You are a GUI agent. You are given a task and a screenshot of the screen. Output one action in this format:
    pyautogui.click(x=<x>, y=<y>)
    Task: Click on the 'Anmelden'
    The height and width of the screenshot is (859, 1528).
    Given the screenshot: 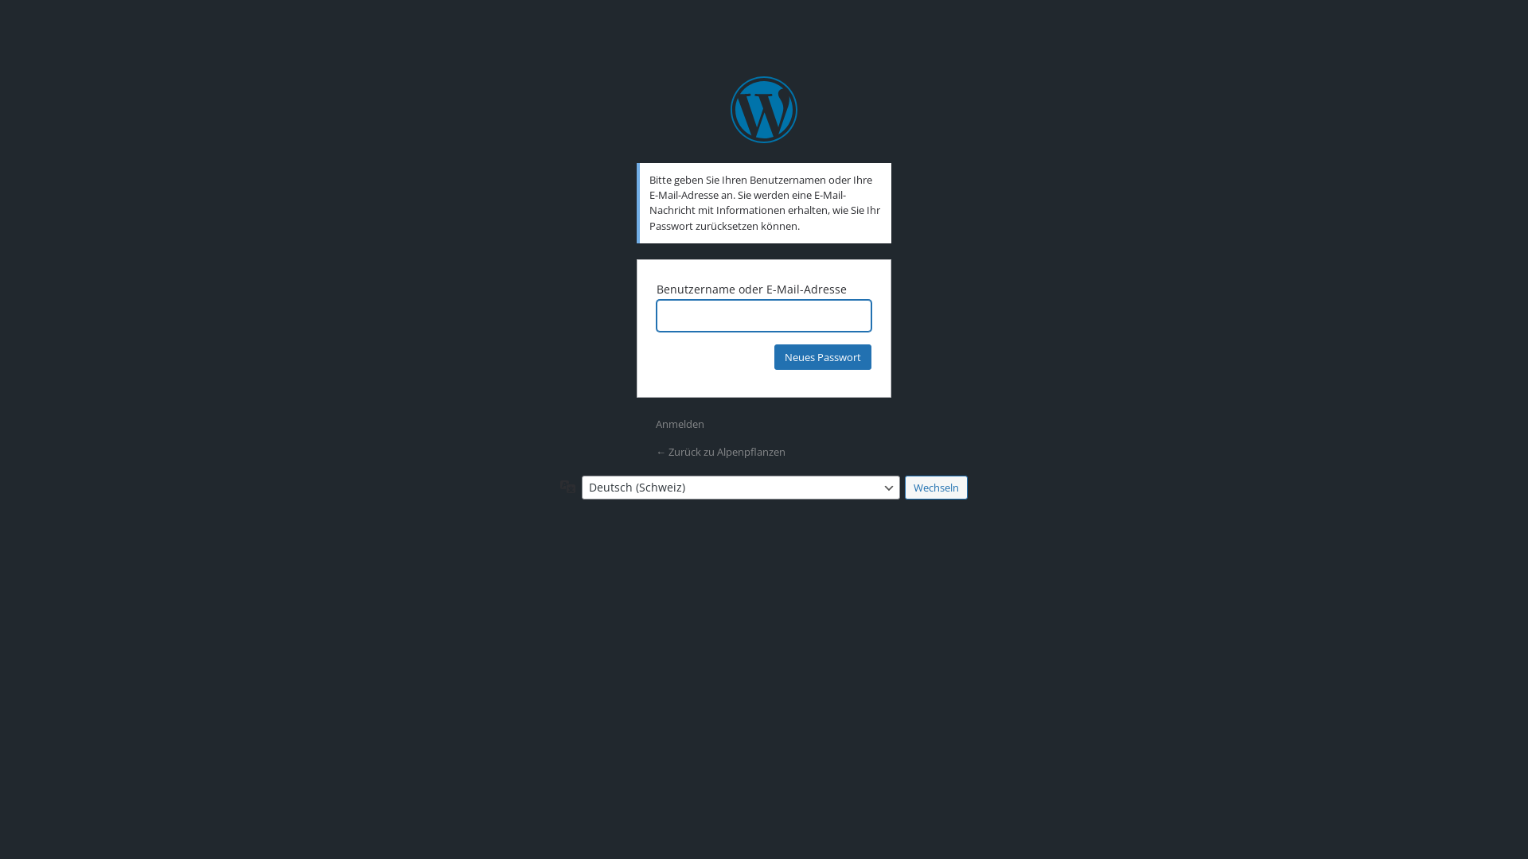 What is the action you would take?
    pyautogui.click(x=680, y=422)
    